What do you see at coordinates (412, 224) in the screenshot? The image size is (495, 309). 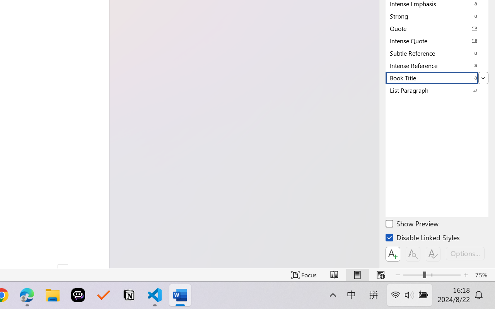 I see `'Show Preview'` at bounding box center [412, 224].